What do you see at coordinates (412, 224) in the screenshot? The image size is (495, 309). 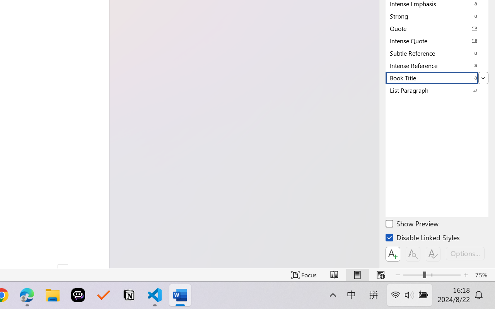 I see `'Show Preview'` at bounding box center [412, 224].